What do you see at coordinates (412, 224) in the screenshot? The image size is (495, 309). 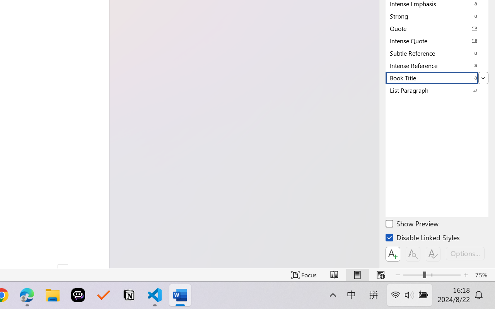 I see `'Show Preview'` at bounding box center [412, 224].